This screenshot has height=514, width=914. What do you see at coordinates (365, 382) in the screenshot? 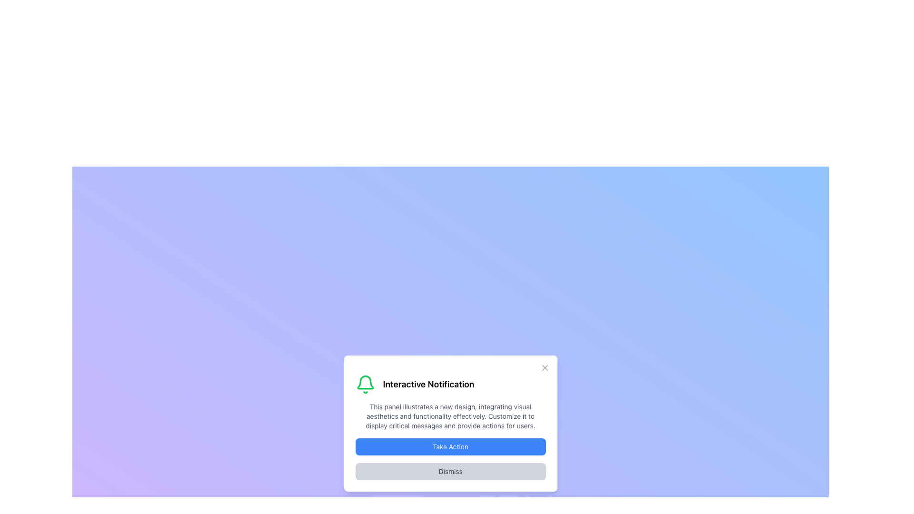
I see `the green bell-shaped notification icon located above the text 'Interactive Notification' in the notification panel` at bounding box center [365, 382].